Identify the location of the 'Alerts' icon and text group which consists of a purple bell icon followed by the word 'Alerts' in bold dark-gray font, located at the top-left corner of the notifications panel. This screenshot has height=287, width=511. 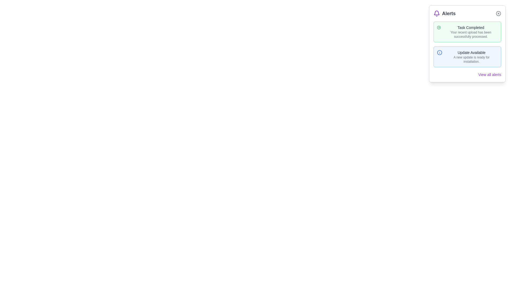
(444, 13).